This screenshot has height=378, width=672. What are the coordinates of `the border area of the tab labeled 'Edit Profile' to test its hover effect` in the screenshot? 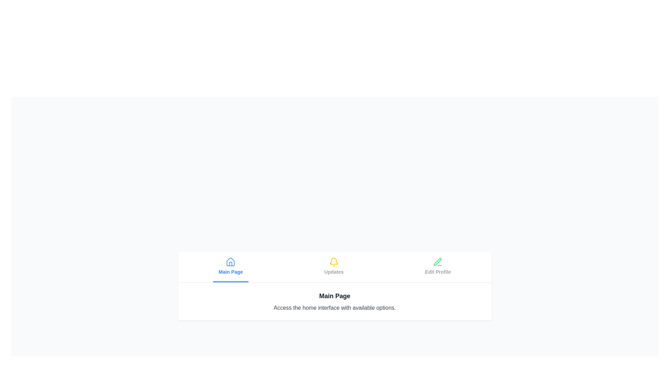 It's located at (437, 267).